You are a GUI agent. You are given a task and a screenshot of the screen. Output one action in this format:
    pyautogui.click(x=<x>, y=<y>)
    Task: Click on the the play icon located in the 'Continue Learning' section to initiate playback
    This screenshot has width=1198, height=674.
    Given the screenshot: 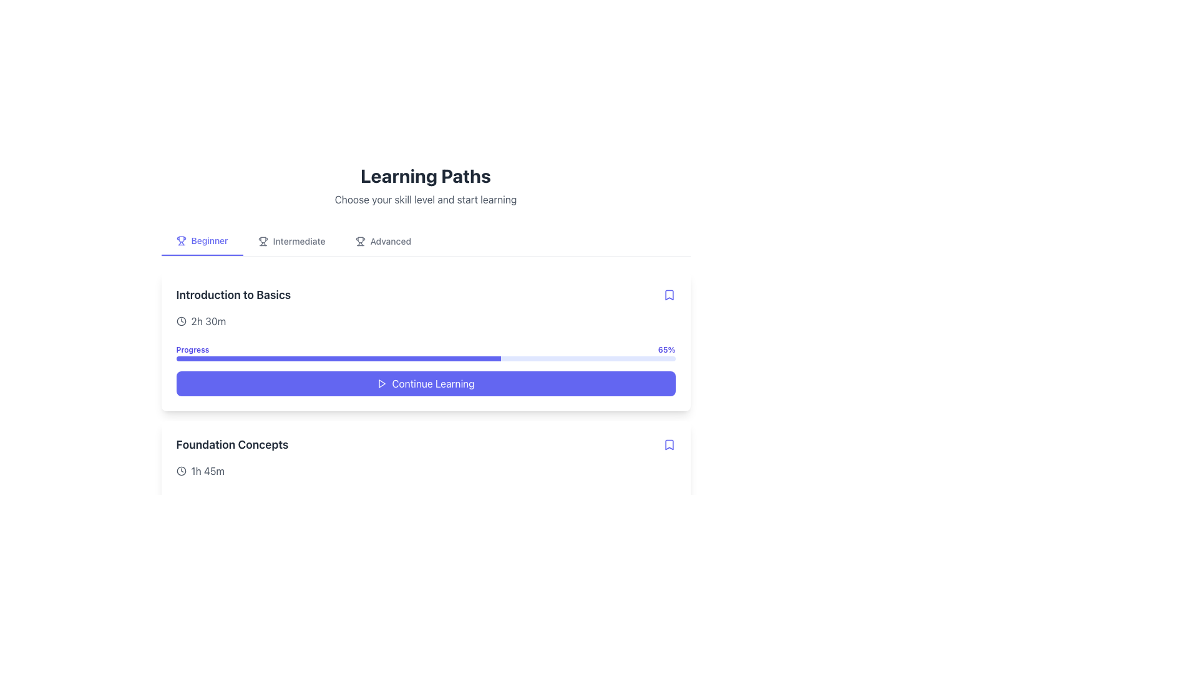 What is the action you would take?
    pyautogui.click(x=382, y=383)
    